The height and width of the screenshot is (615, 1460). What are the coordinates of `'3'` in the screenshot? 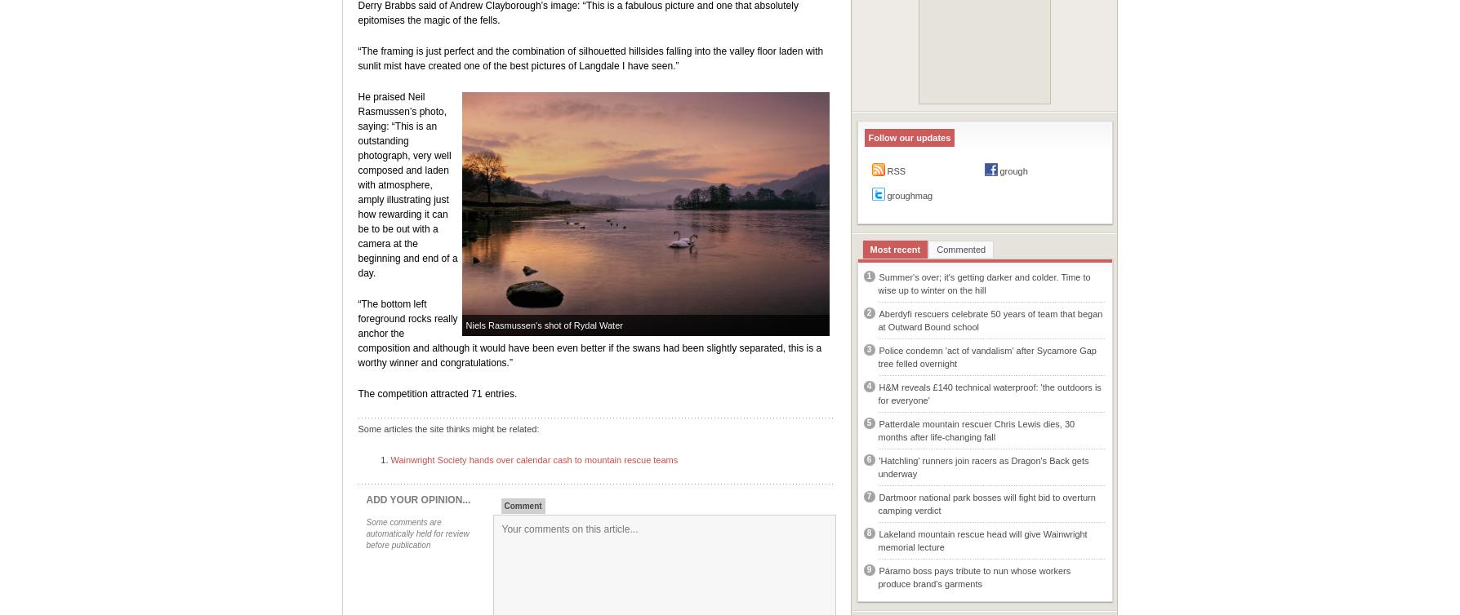 It's located at (869, 349).